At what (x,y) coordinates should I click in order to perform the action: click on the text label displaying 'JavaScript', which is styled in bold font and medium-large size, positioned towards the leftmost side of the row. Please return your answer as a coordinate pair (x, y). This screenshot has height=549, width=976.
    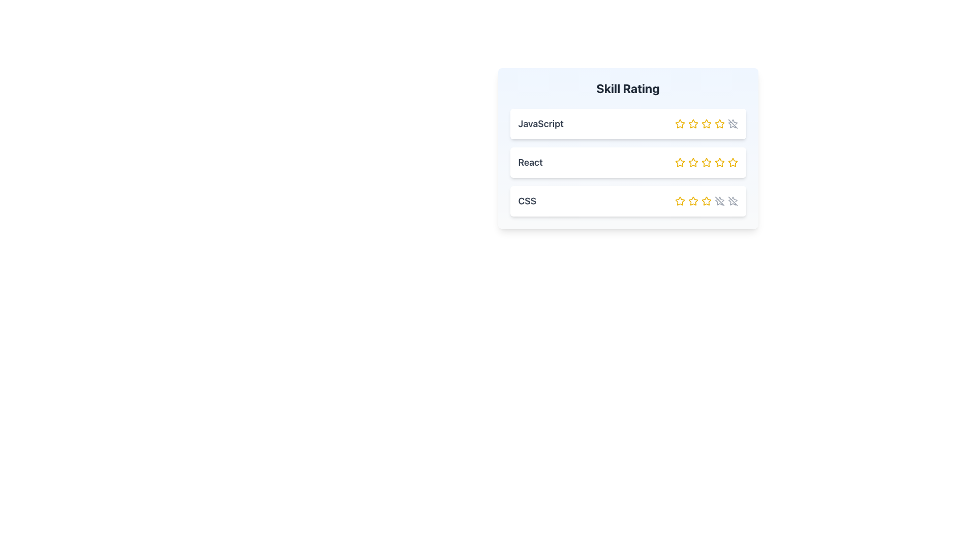
    Looking at the image, I should click on (540, 123).